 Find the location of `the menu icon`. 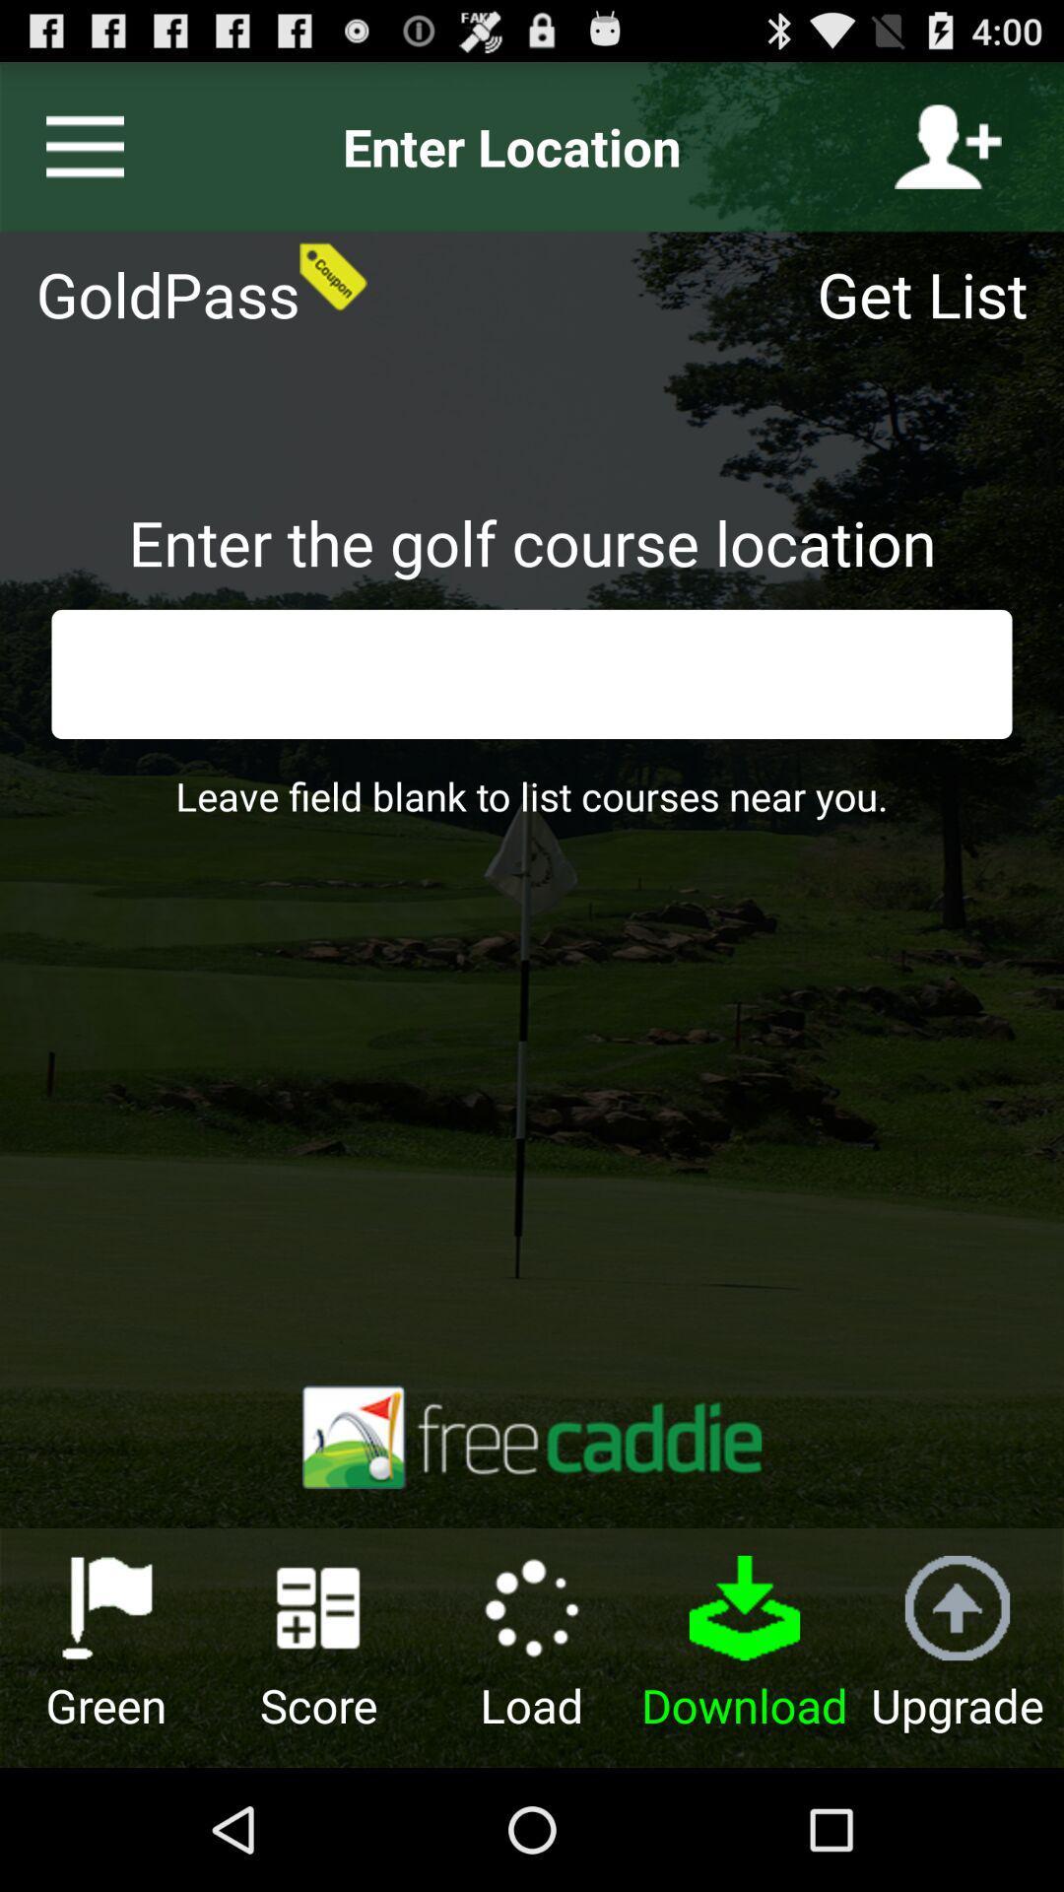

the menu icon is located at coordinates (76, 156).